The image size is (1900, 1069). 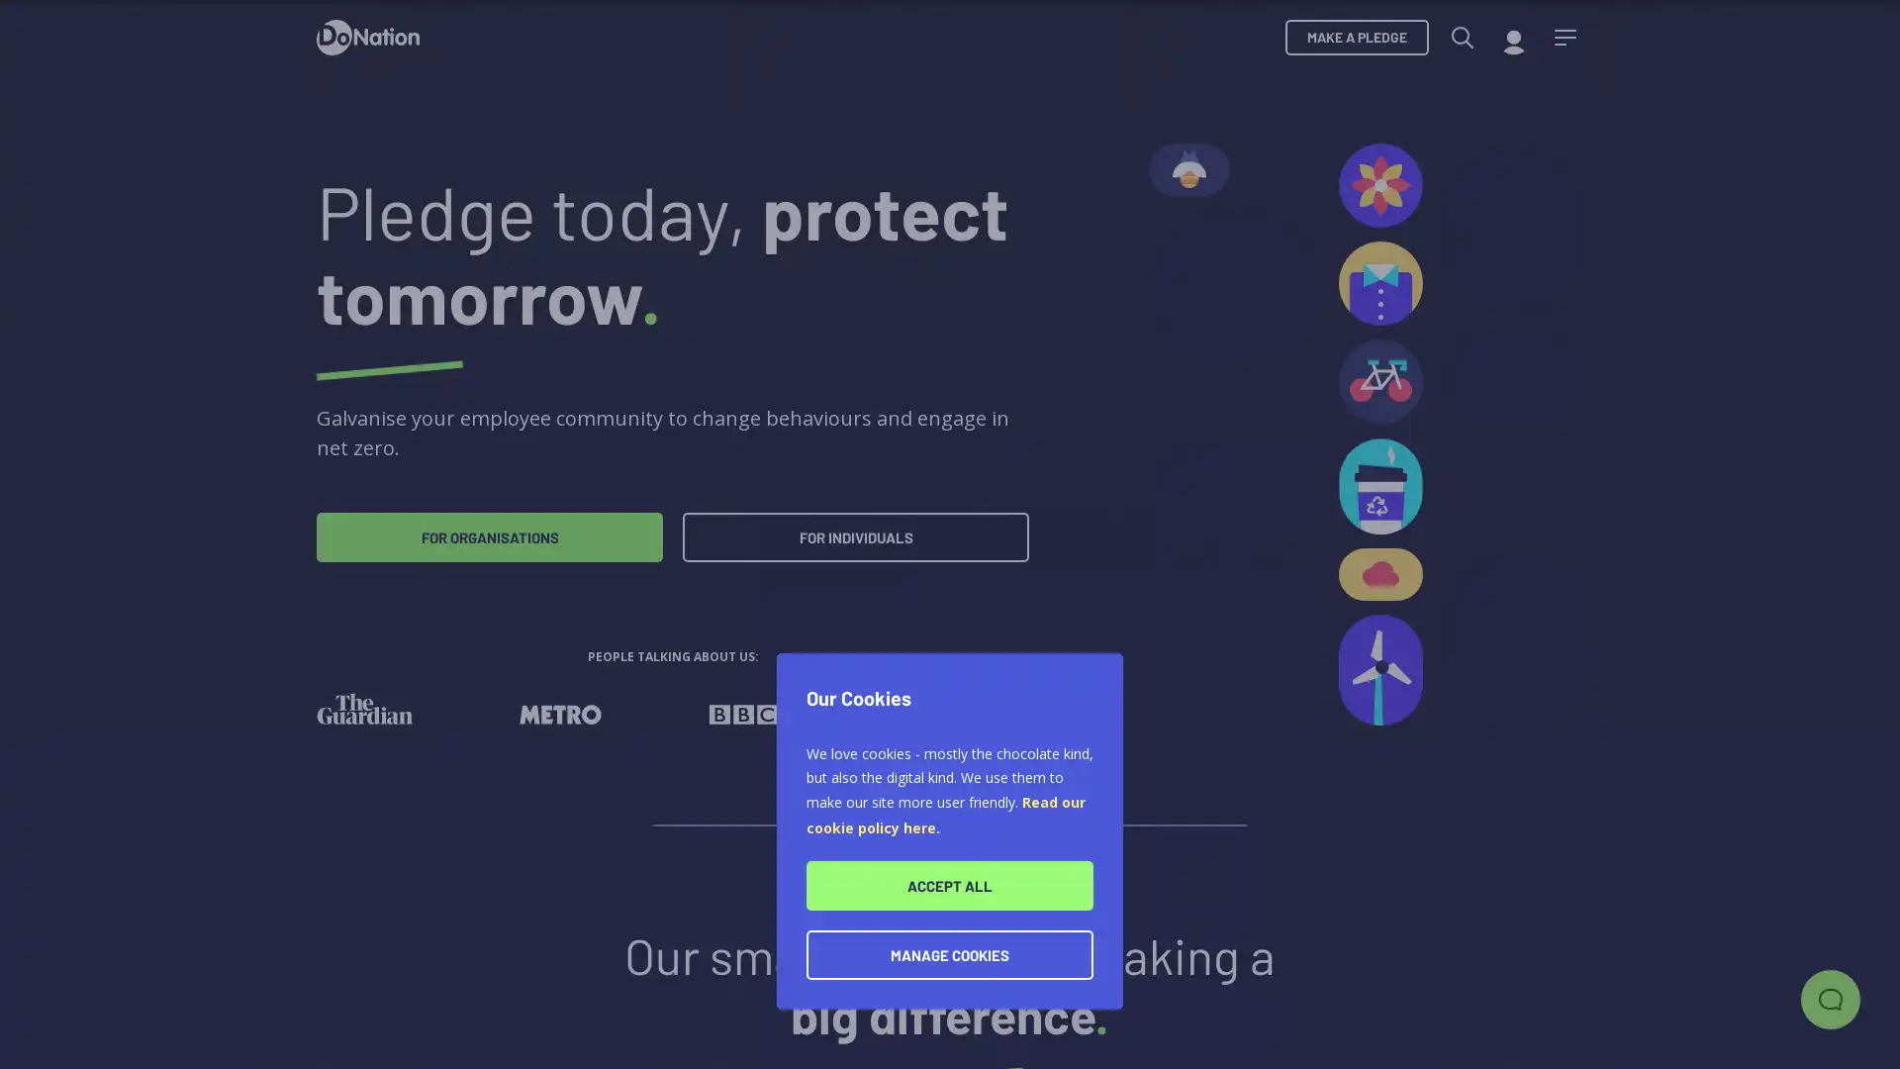 What do you see at coordinates (855, 537) in the screenshot?
I see `FOR INDIVIDUALS` at bounding box center [855, 537].